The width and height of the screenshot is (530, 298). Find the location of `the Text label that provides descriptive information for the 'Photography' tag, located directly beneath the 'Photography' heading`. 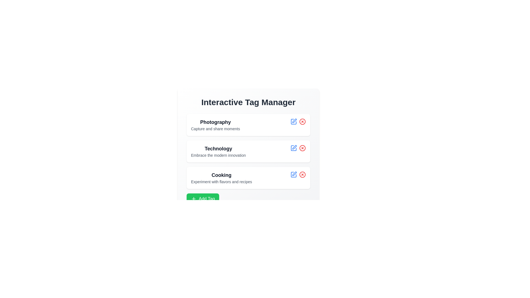

the Text label that provides descriptive information for the 'Photography' tag, located directly beneath the 'Photography' heading is located at coordinates (215, 129).